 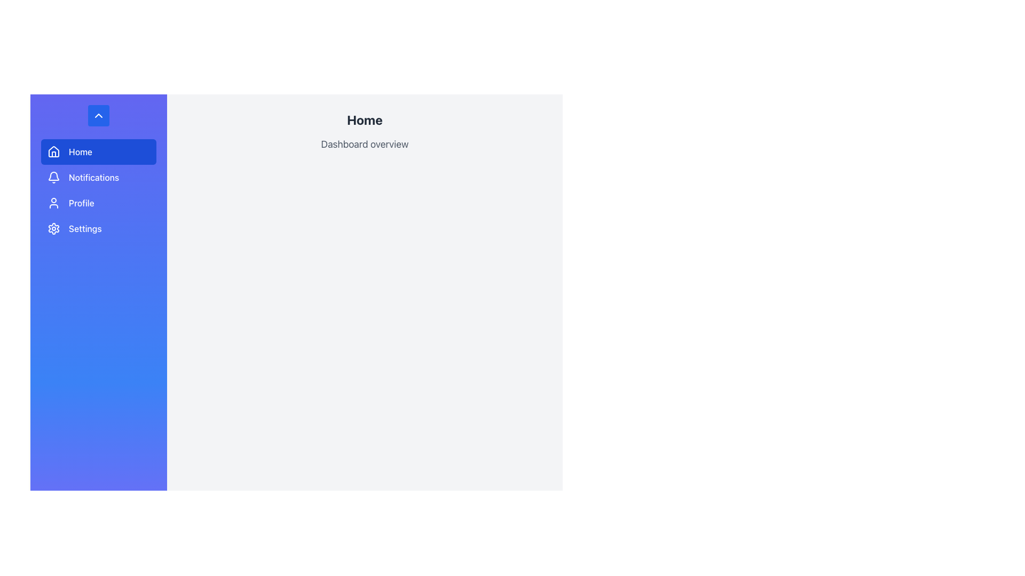 What do you see at coordinates (99, 190) in the screenshot?
I see `the 'Notifications' navigation menu item in the sidebar` at bounding box center [99, 190].